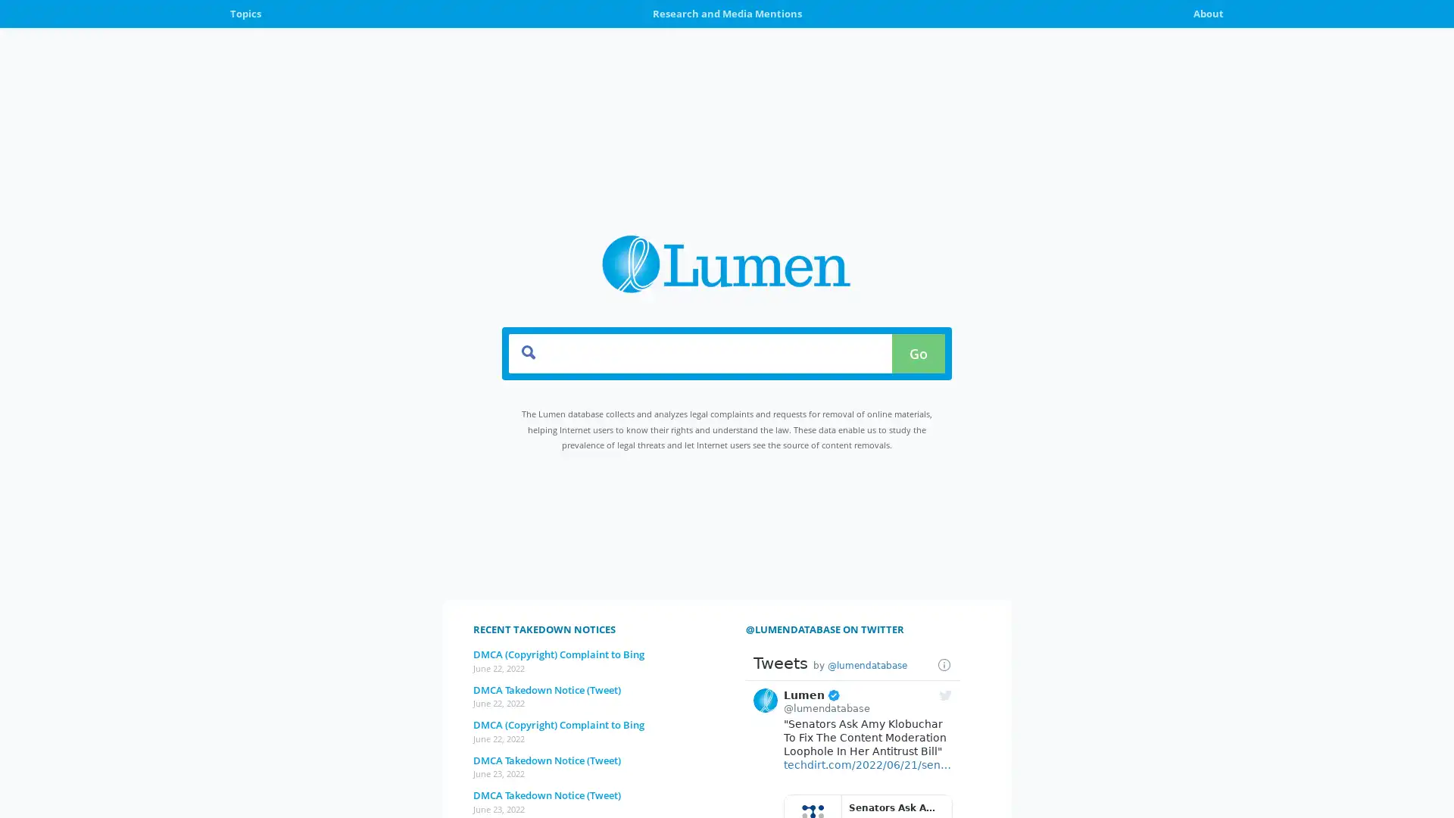  Describe the element at coordinates (918, 353) in the screenshot. I see `Go` at that location.